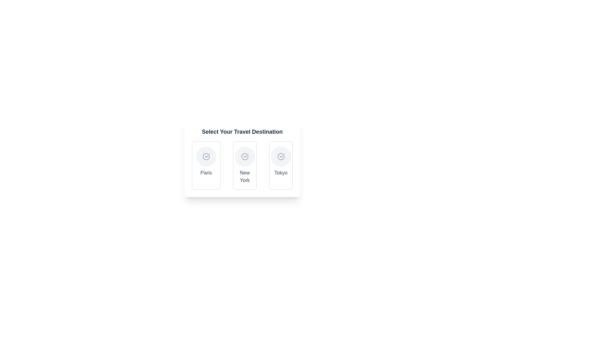 This screenshot has height=339, width=603. What do you see at coordinates (244, 156) in the screenshot?
I see `the circular UI component with a light gray checkmark icon that is positioned directly above the text 'New York.'` at bounding box center [244, 156].